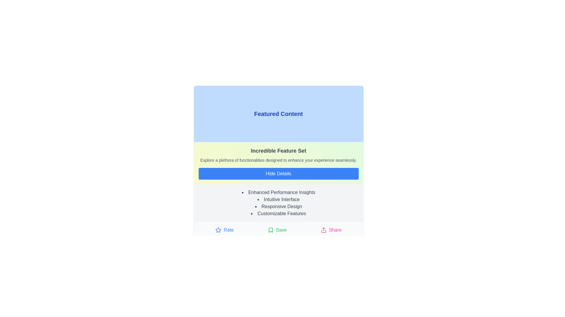 The width and height of the screenshot is (565, 317). I want to click on the star-shaped icon with a hollow center and blue outline, which is positioned next to the 'Rate' text label in the rating interface, so click(218, 230).